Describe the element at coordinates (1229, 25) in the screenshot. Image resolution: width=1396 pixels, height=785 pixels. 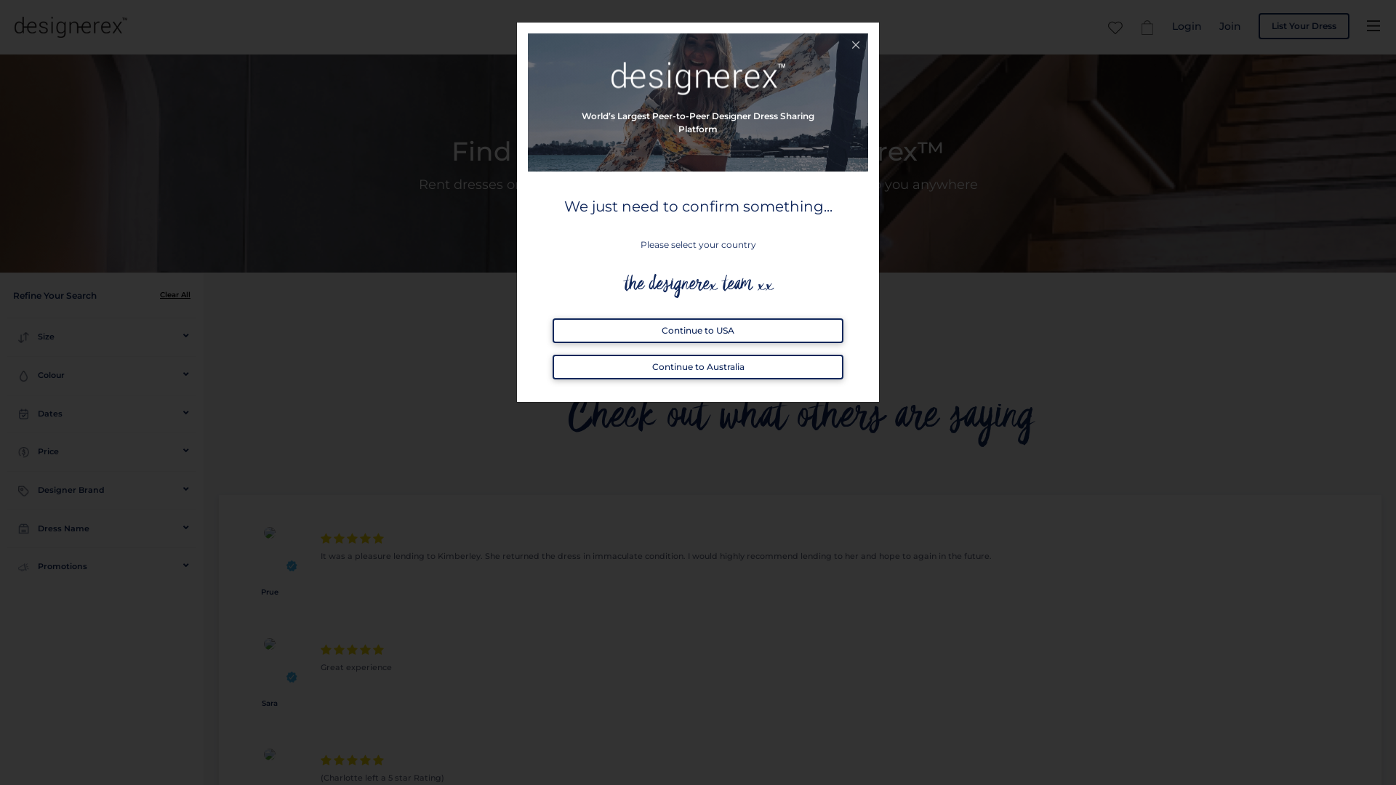
I see `'Join'` at that location.